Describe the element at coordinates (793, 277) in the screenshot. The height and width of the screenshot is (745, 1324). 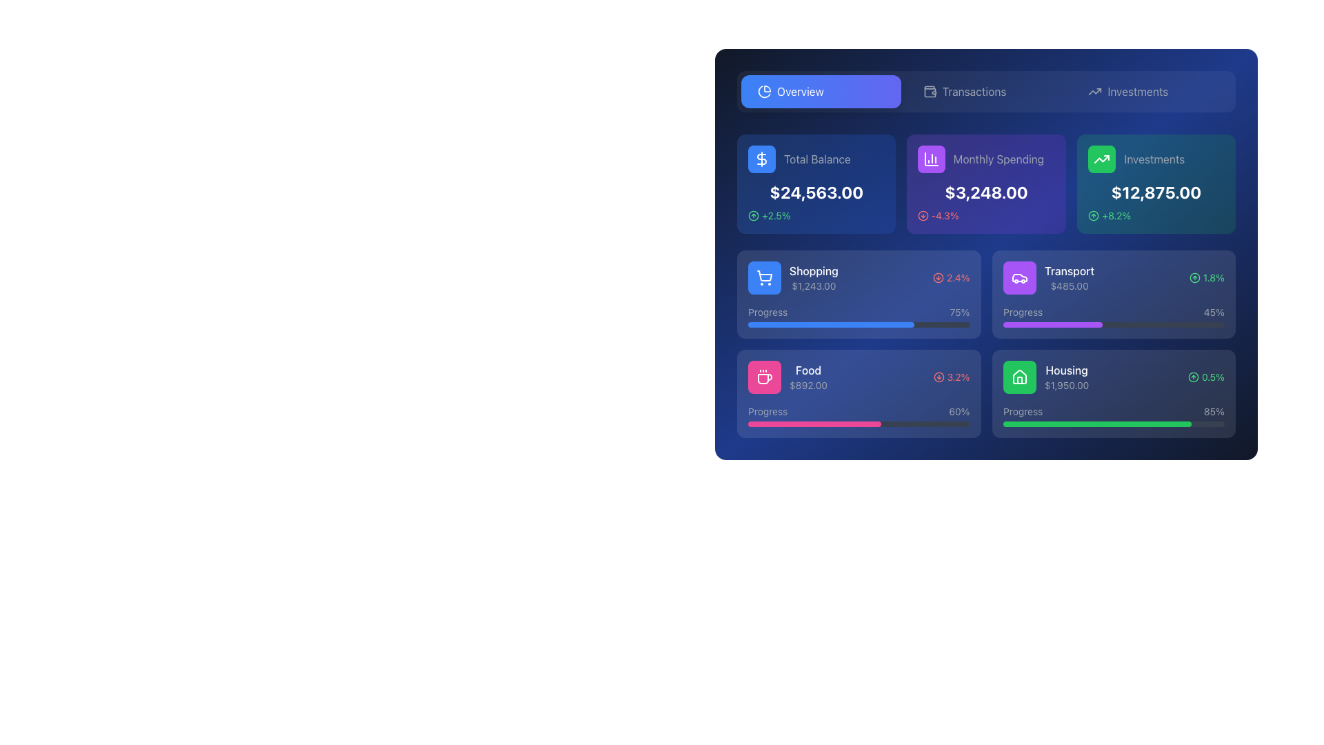
I see `the 'Shopping' informational display box in the first column of the second row under the 'Overview' tab` at that location.